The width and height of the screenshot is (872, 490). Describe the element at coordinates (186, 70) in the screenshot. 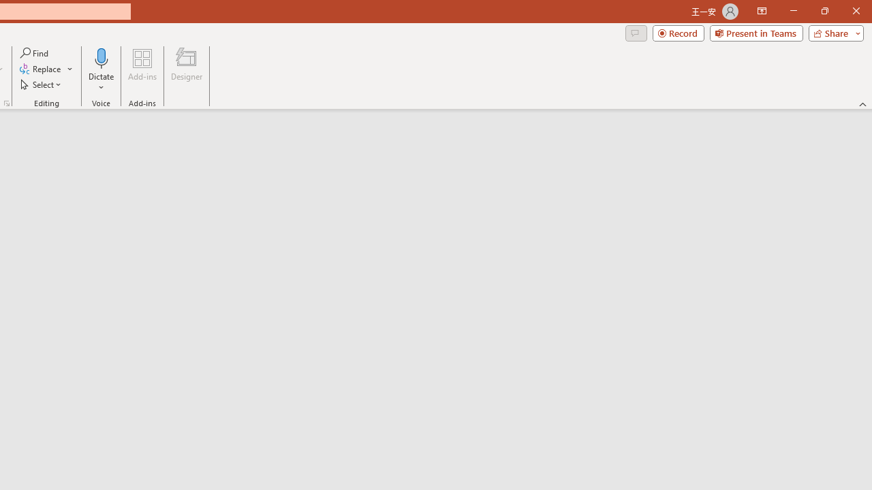

I see `'Designer'` at that location.